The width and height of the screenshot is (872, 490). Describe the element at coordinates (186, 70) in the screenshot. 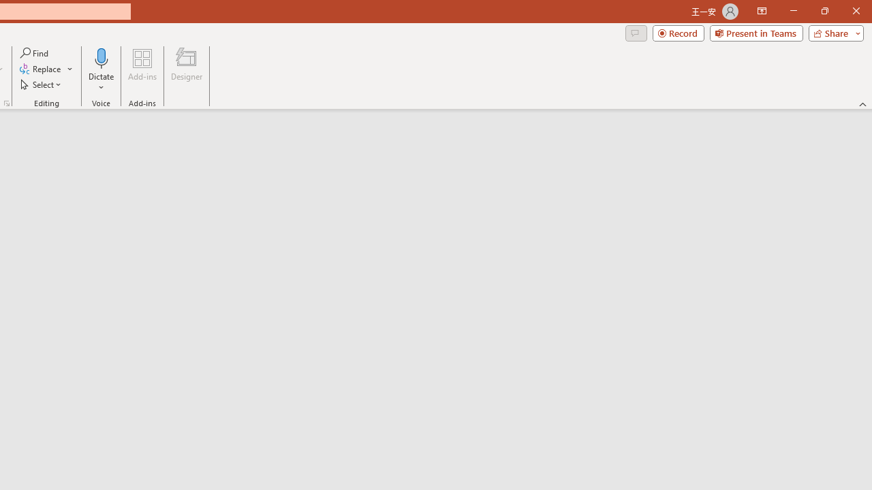

I see `'Designer'` at that location.